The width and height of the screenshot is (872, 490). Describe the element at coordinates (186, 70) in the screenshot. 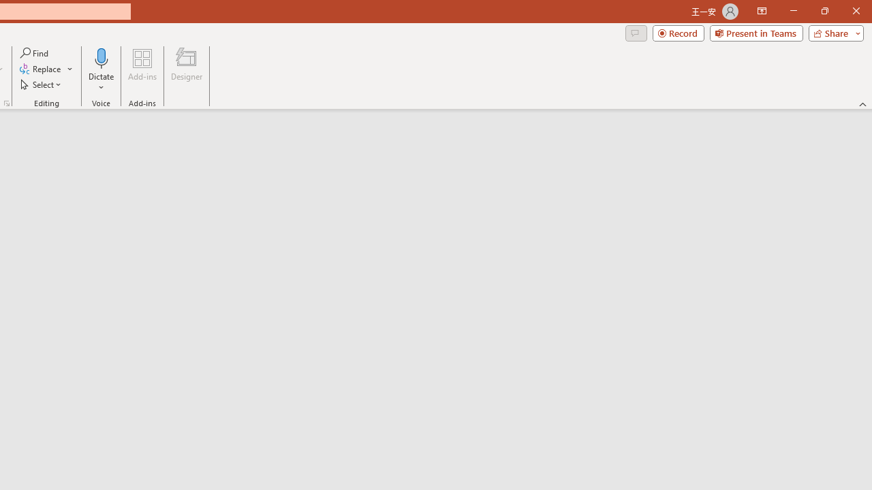

I see `'Designer'` at that location.